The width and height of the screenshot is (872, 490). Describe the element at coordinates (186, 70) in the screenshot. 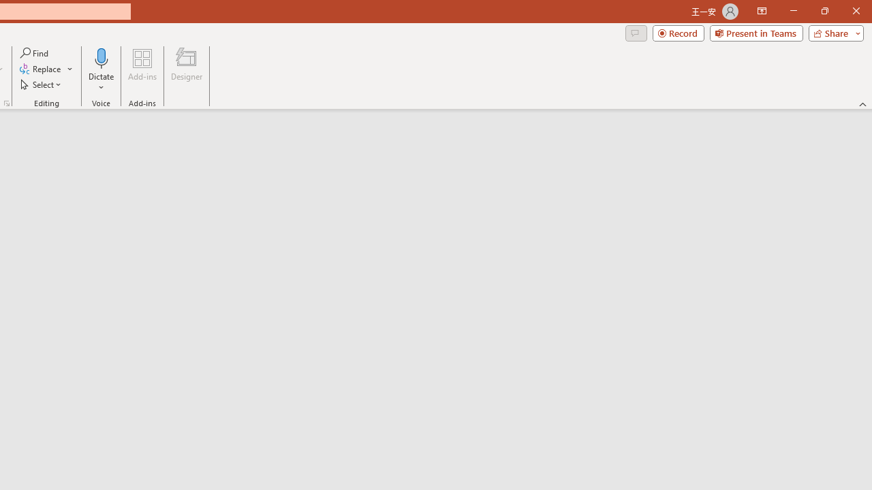

I see `'Designer'` at that location.